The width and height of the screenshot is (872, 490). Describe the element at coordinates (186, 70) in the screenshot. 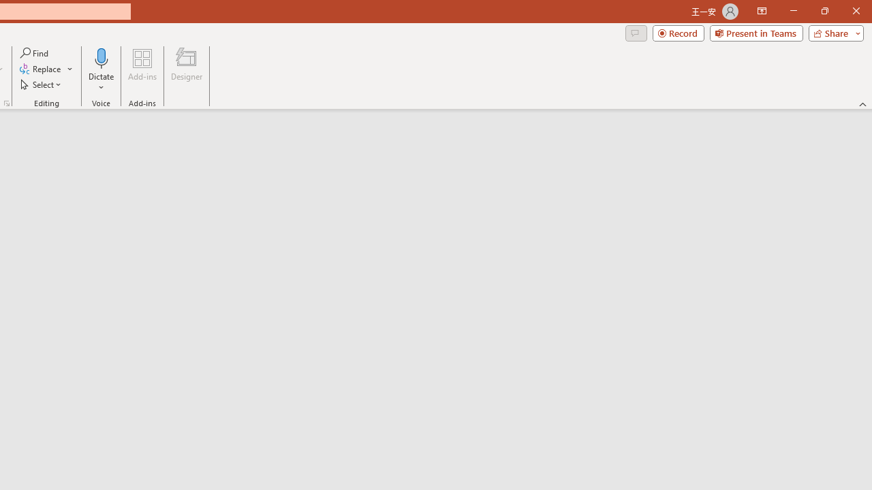

I see `'Designer'` at that location.